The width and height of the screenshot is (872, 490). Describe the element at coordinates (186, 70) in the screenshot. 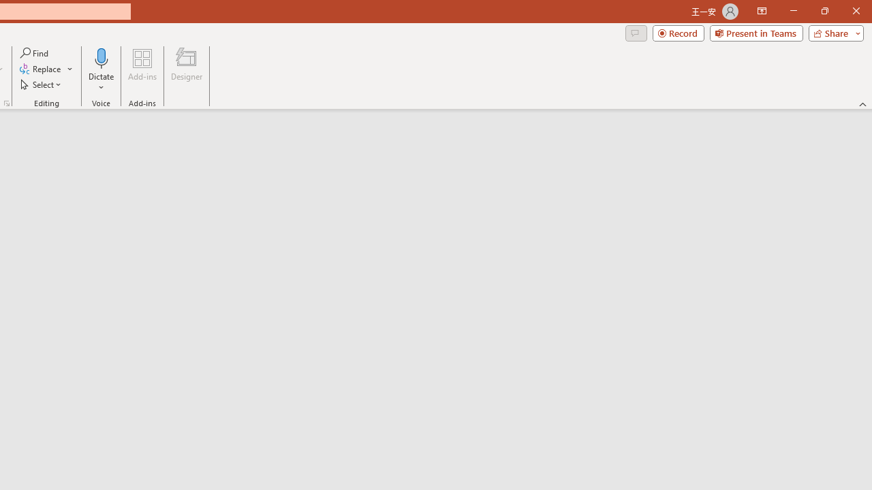

I see `'Designer'` at that location.